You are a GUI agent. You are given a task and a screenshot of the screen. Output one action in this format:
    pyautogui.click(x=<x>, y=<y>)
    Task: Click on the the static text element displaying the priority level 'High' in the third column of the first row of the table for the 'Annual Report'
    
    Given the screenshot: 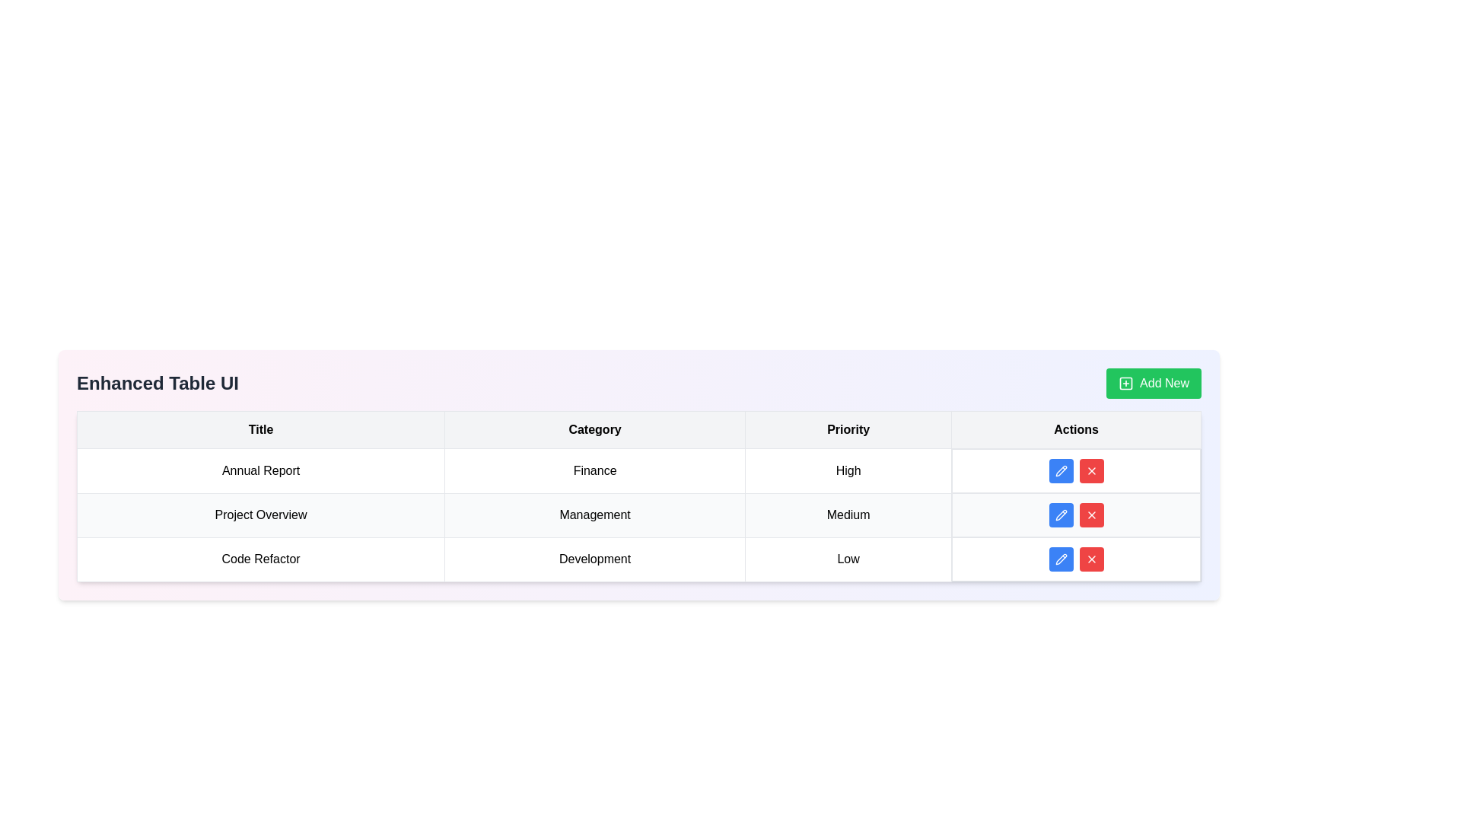 What is the action you would take?
    pyautogui.click(x=848, y=470)
    